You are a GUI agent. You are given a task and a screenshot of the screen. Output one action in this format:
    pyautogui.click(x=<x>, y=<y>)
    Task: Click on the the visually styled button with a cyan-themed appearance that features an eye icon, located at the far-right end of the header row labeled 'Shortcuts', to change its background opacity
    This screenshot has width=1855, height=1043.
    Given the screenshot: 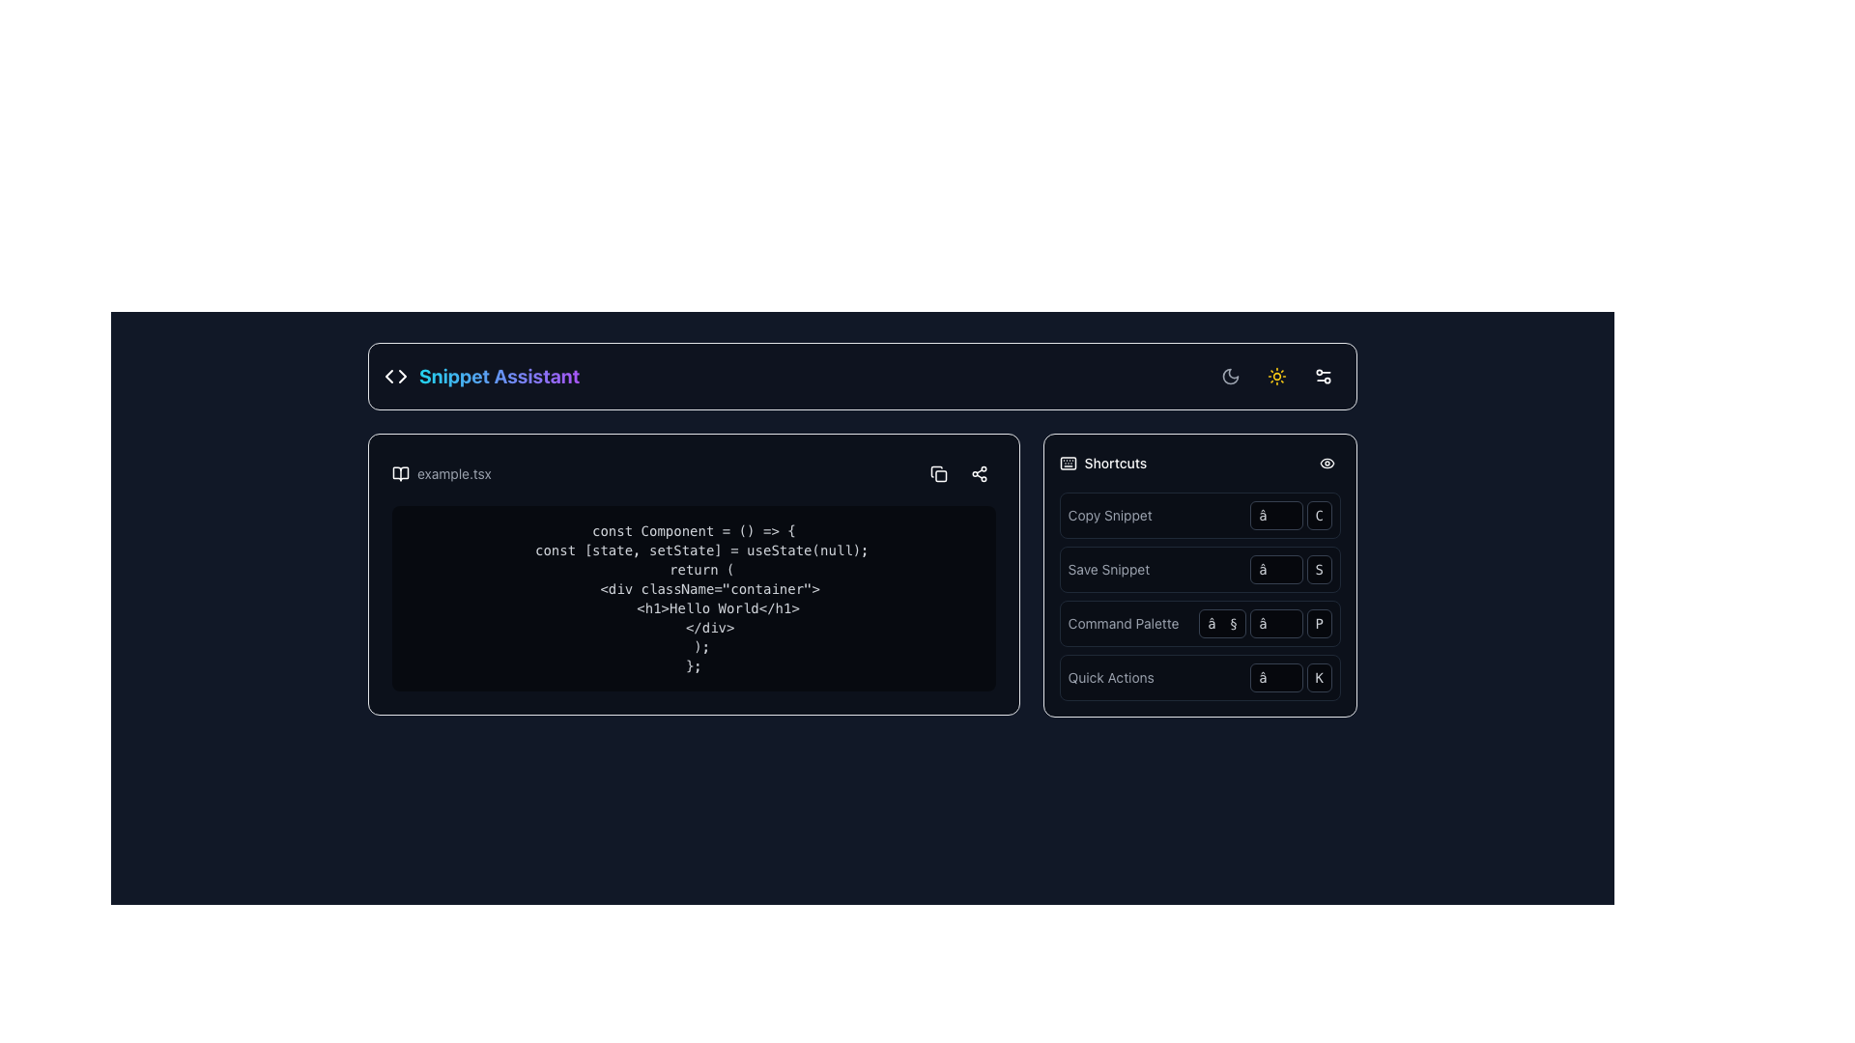 What is the action you would take?
    pyautogui.click(x=1326, y=463)
    